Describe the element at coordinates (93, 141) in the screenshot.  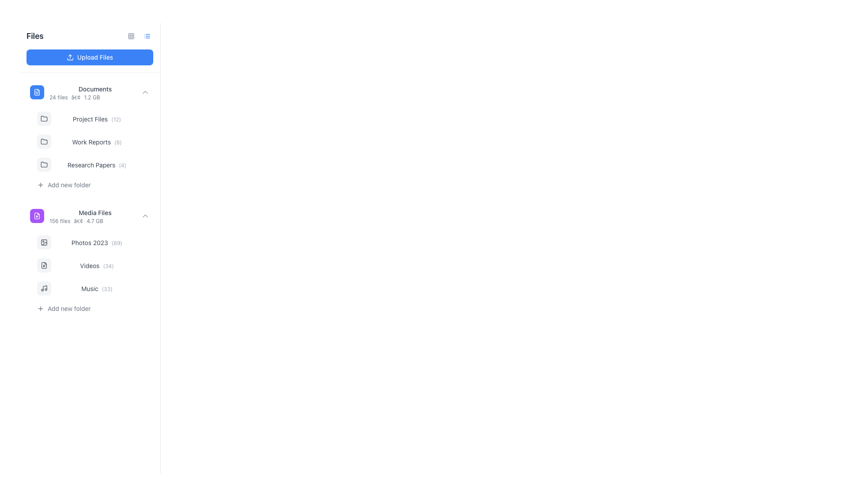
I see `the second navigational folder item` at that location.